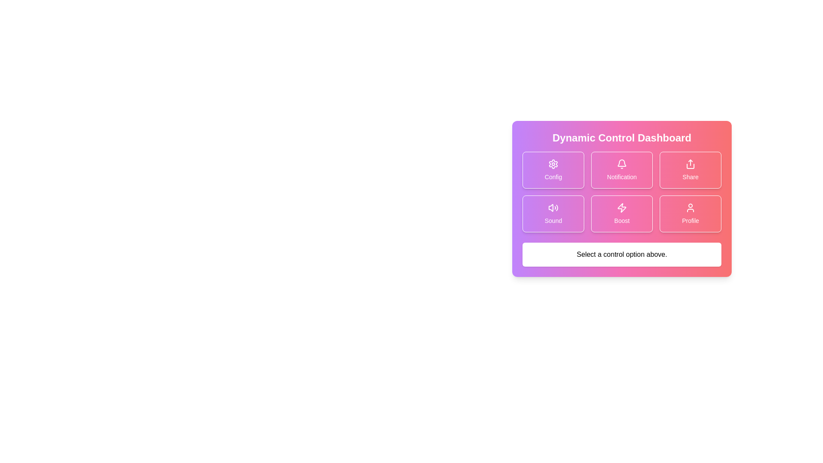  Describe the element at coordinates (622, 137) in the screenshot. I see `the text heading 'Dynamic Control Dashboard' located at the top of the card-style layout with a vibrant gradient background` at that location.